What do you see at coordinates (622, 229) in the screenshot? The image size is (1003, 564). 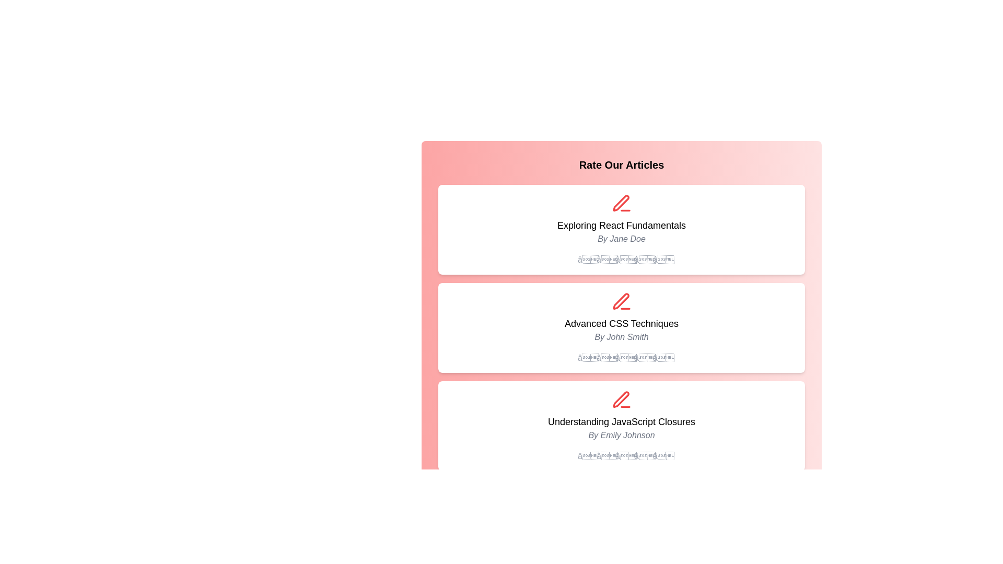 I see `the article titled 'Exploring React Fundamentals' by 'Jane Doe'` at bounding box center [622, 229].